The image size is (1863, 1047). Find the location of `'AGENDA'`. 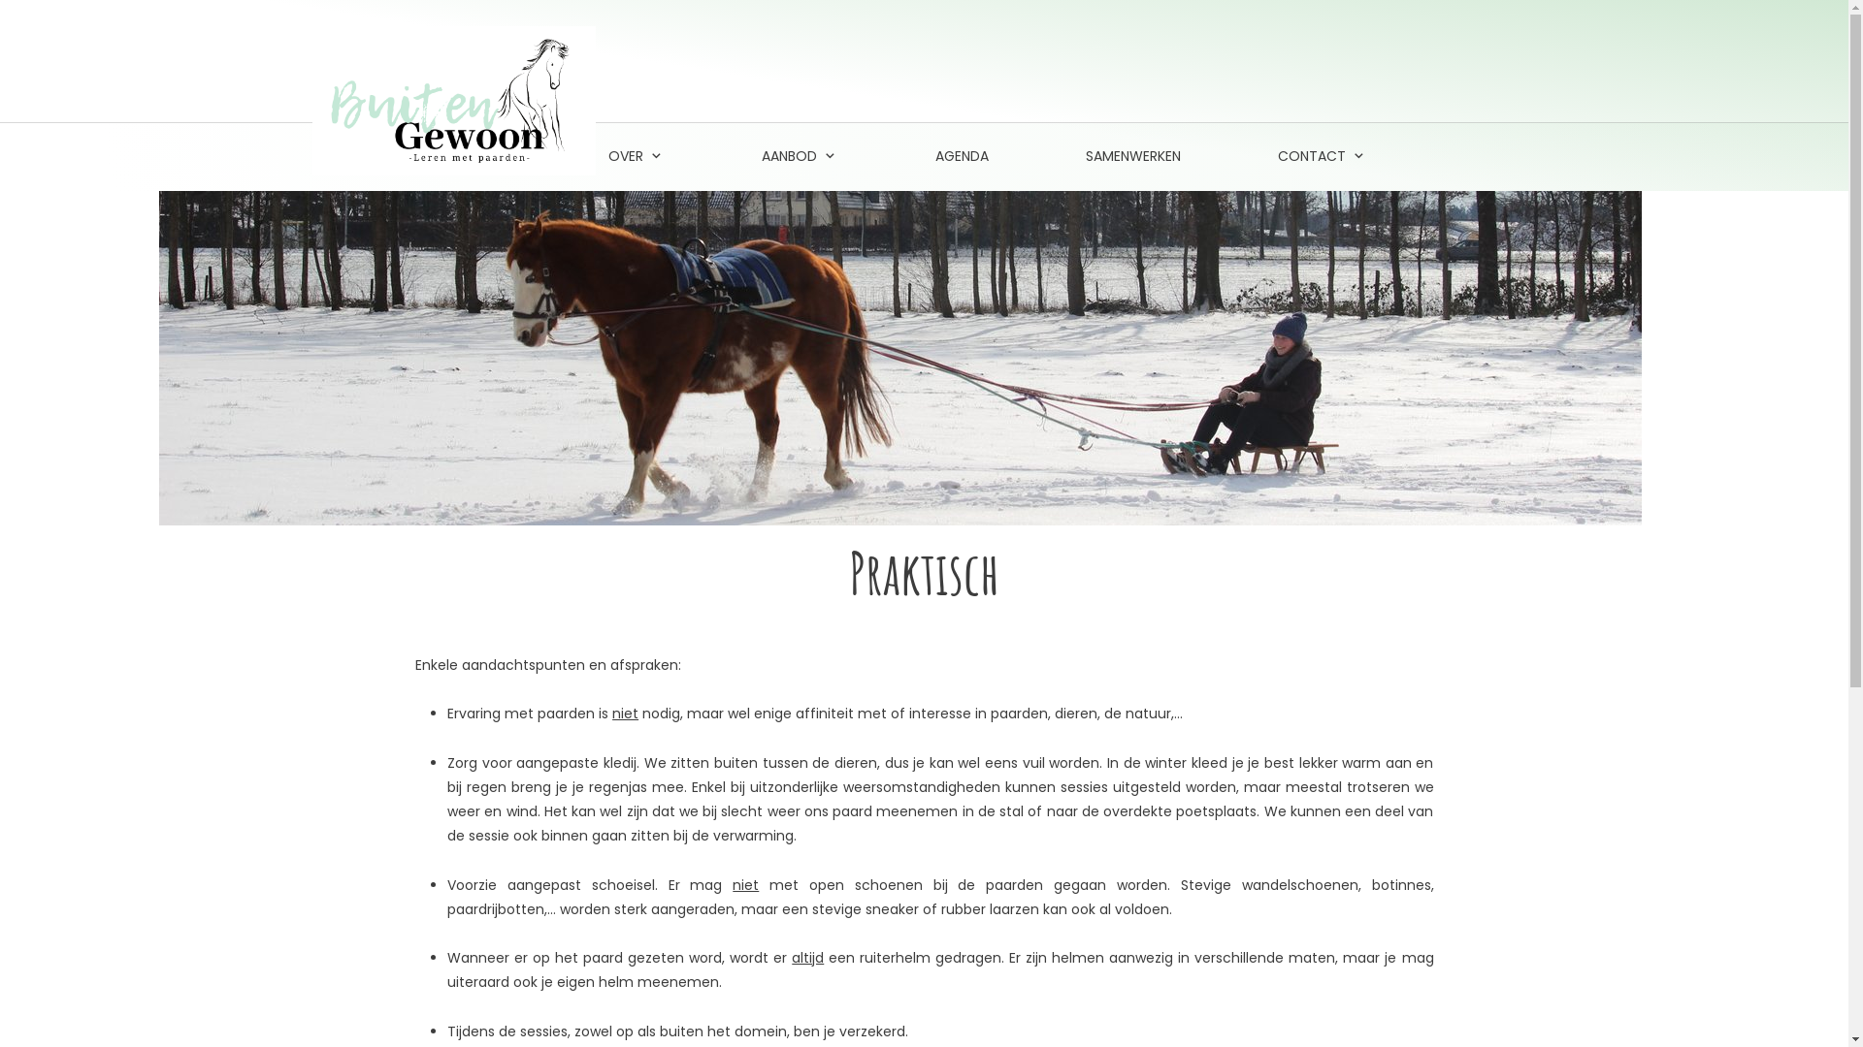

'AGENDA' is located at coordinates (962, 156).